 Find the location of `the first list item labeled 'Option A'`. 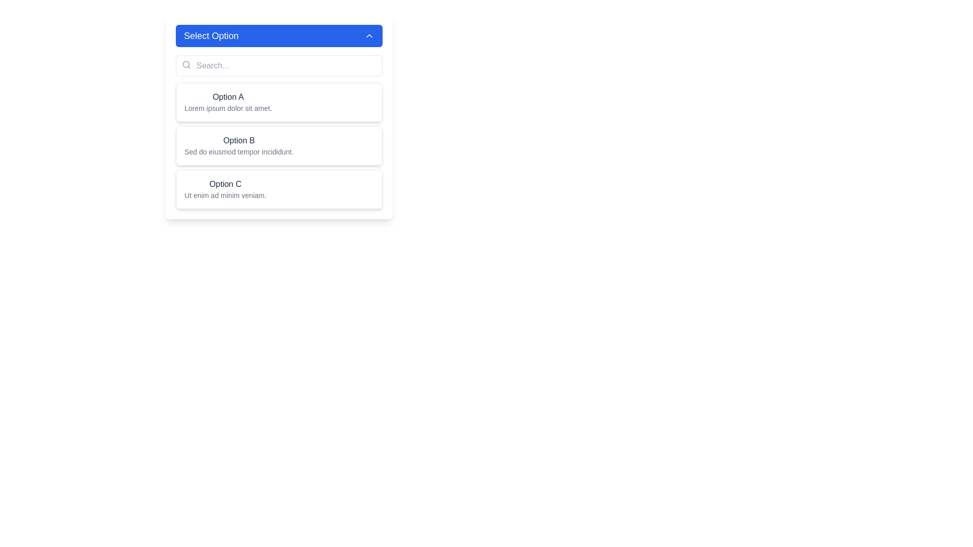

the first list item labeled 'Option A' is located at coordinates (228, 102).